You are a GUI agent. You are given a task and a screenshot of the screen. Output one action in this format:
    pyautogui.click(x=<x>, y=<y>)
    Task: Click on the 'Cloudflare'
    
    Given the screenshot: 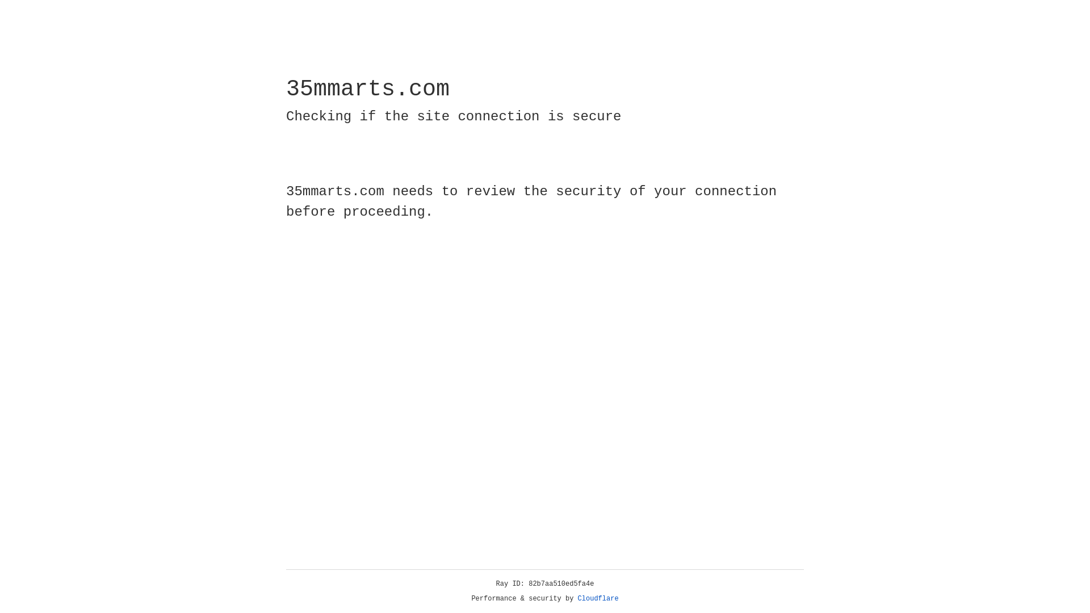 What is the action you would take?
    pyautogui.click(x=598, y=598)
    